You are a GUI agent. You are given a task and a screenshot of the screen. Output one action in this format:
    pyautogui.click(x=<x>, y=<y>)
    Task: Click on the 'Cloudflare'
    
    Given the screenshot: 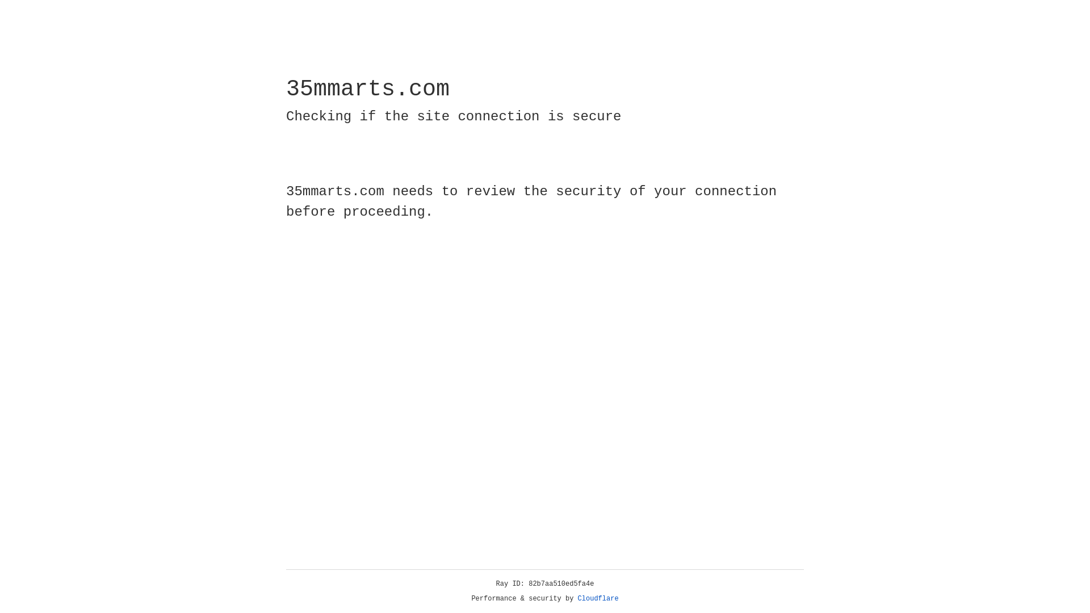 What is the action you would take?
    pyautogui.click(x=598, y=598)
    